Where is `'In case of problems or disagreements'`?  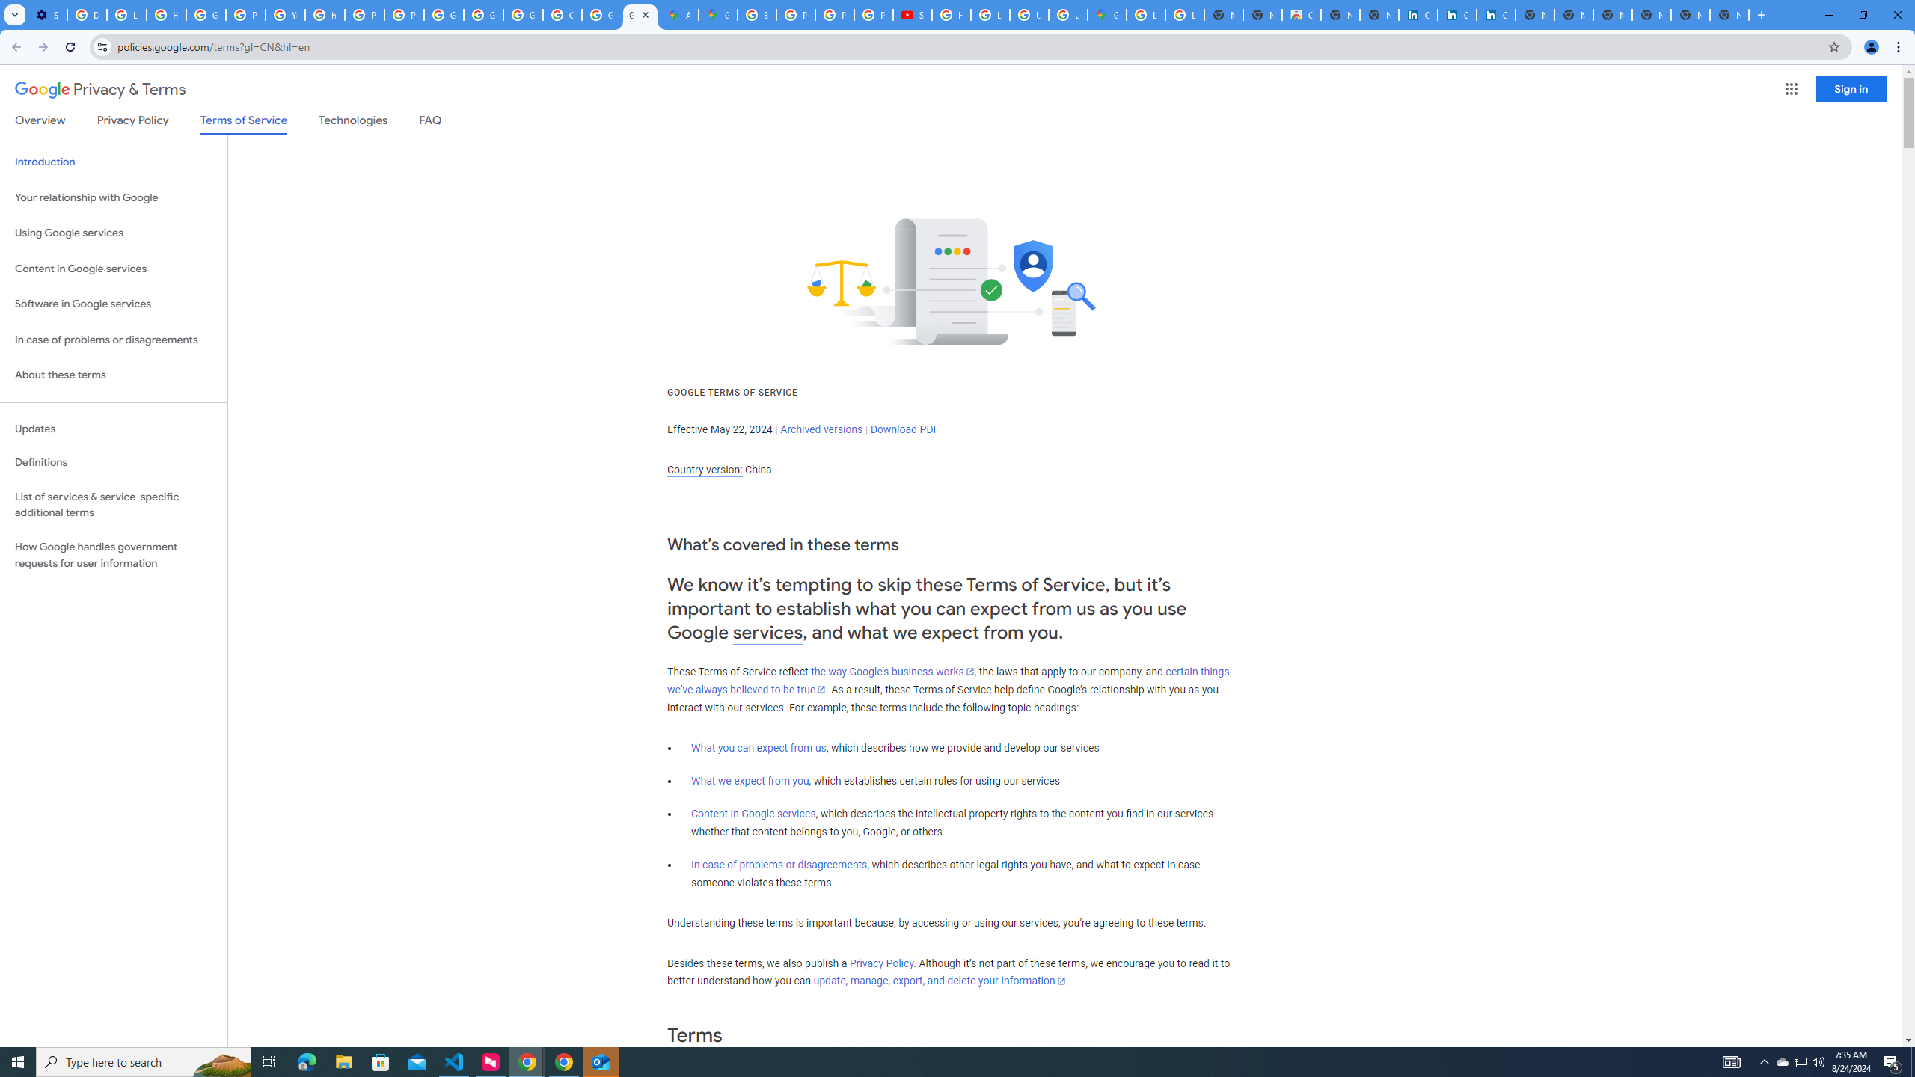 'In case of problems or disagreements' is located at coordinates (778, 865).